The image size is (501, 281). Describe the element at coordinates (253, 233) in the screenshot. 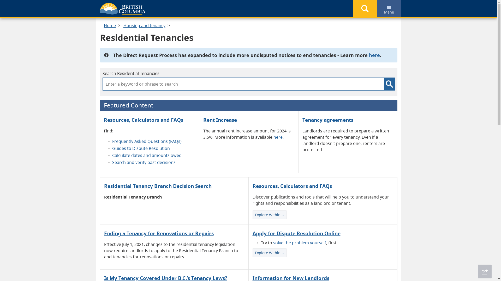

I see `'Apply for Dispute Resolution Online'` at that location.